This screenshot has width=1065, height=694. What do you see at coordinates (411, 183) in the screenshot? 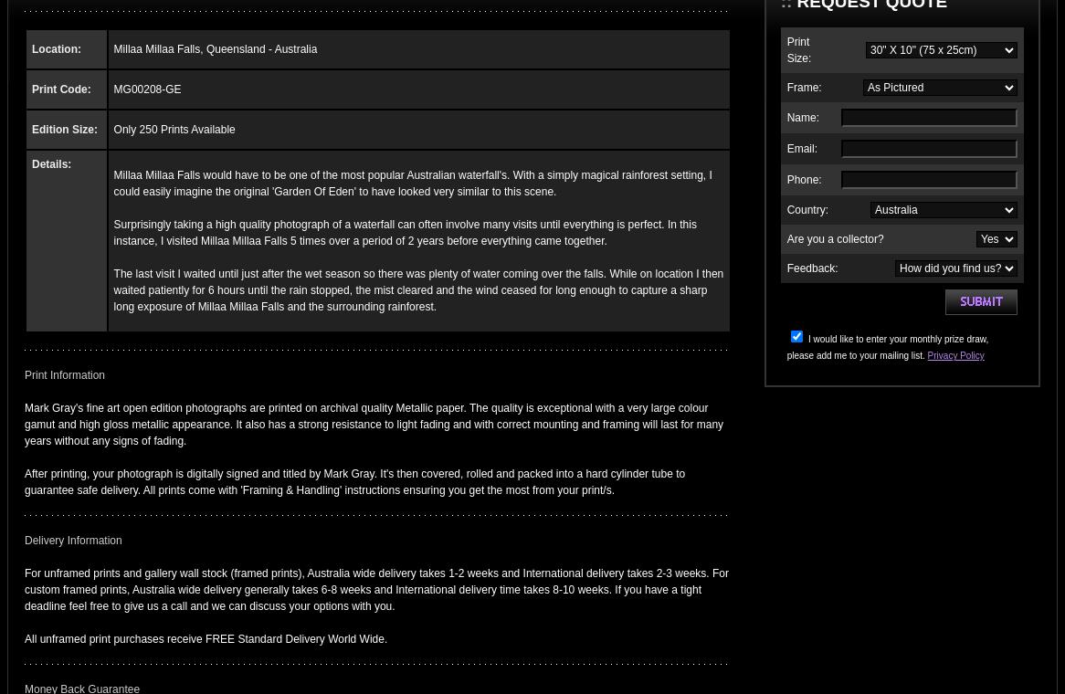
I see `'Millaa Millaa Falls would have to be one of the most popular Australian waterfall's. With a simply magical rainforest setting, I could easily imagine the original 'Garden Of Eden' to have looked very similar to this scene.'` at bounding box center [411, 183].